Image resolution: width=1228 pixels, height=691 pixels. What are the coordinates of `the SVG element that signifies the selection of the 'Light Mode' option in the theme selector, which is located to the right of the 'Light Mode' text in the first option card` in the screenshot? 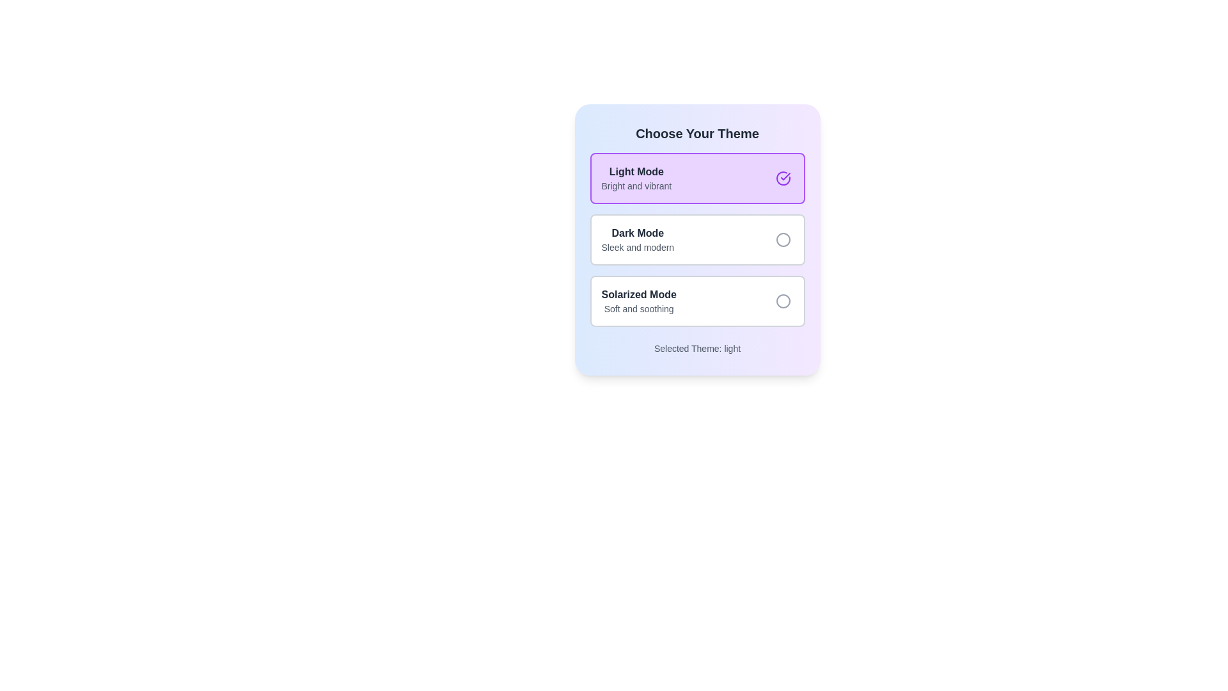 It's located at (785, 177).